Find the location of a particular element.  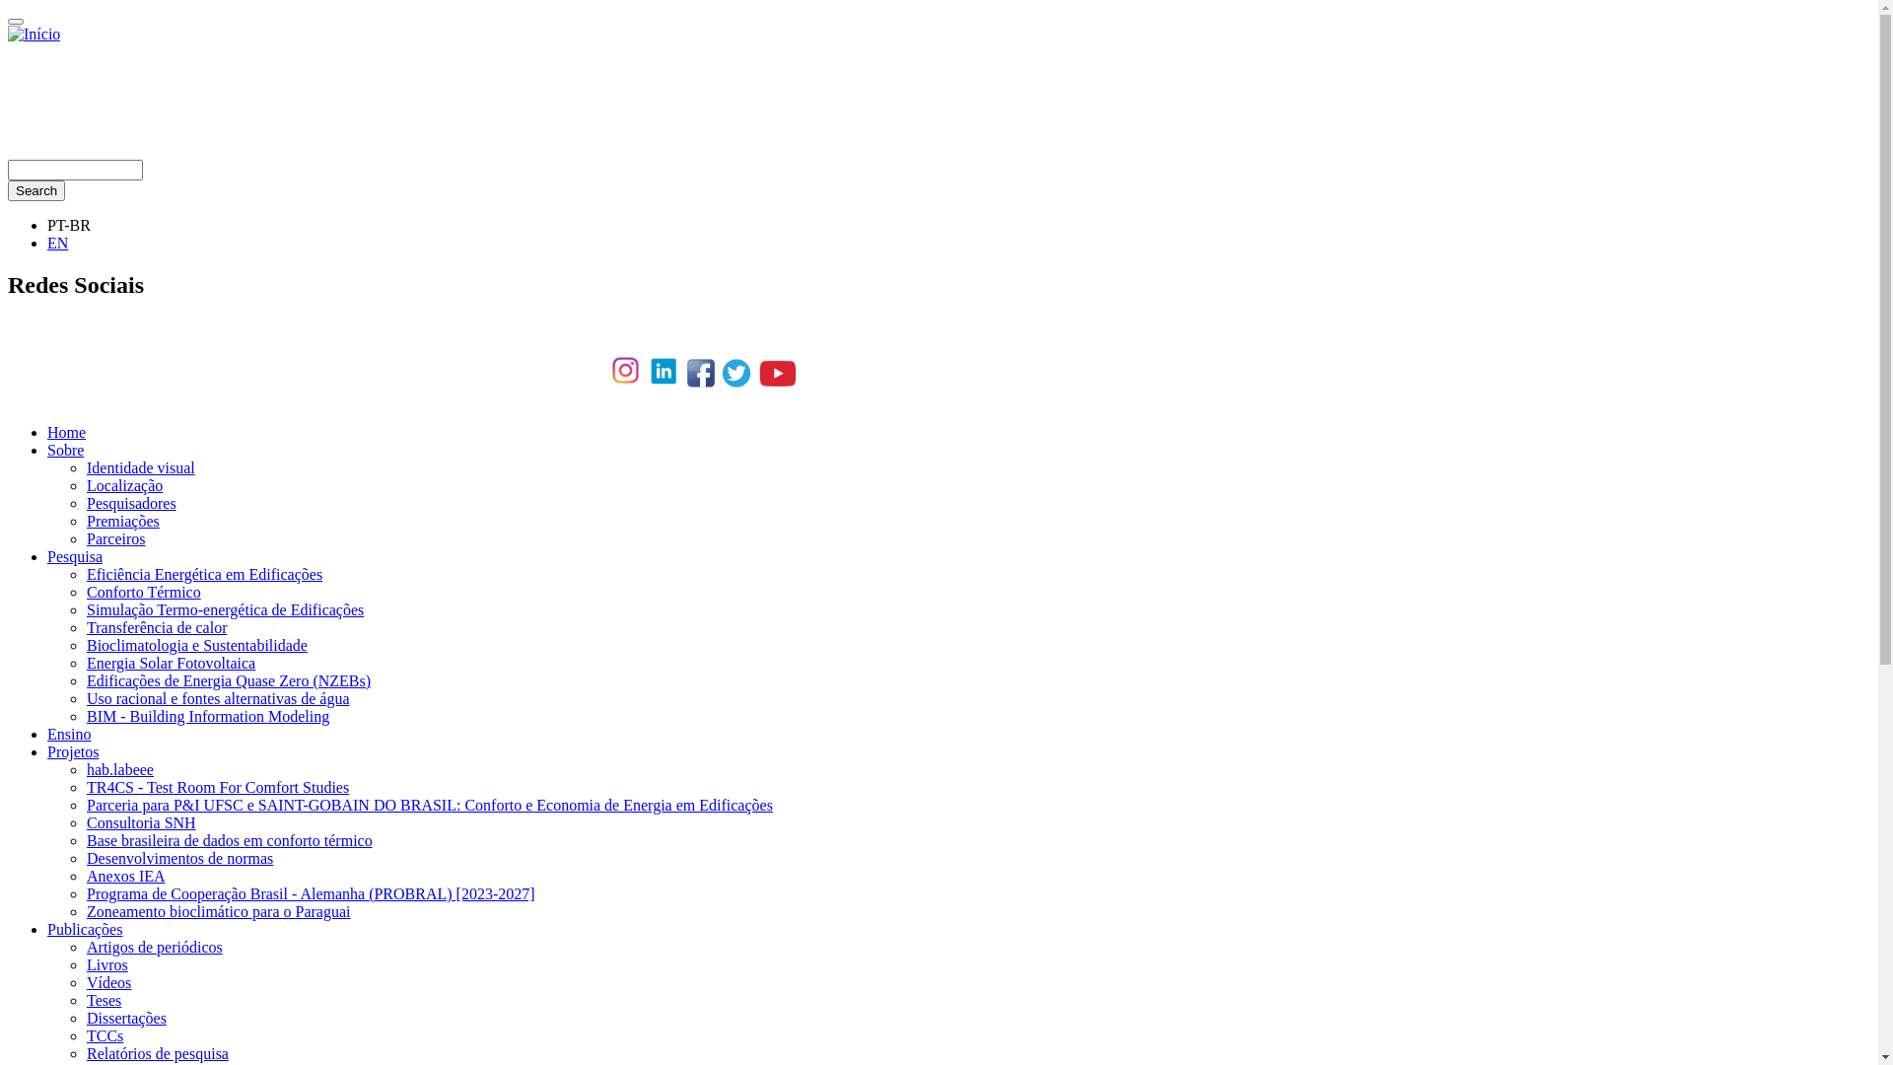

'Teses' is located at coordinates (85, 1000).